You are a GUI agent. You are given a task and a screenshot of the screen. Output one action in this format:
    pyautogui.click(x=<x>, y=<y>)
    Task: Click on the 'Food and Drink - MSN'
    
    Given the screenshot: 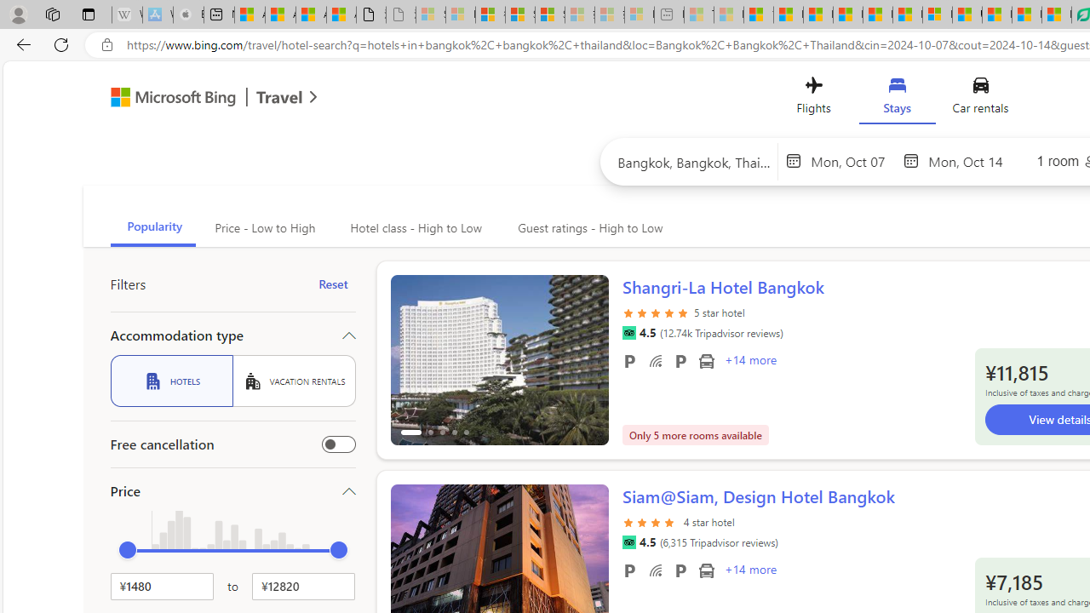 What is the action you would take?
    pyautogui.click(x=788, y=14)
    